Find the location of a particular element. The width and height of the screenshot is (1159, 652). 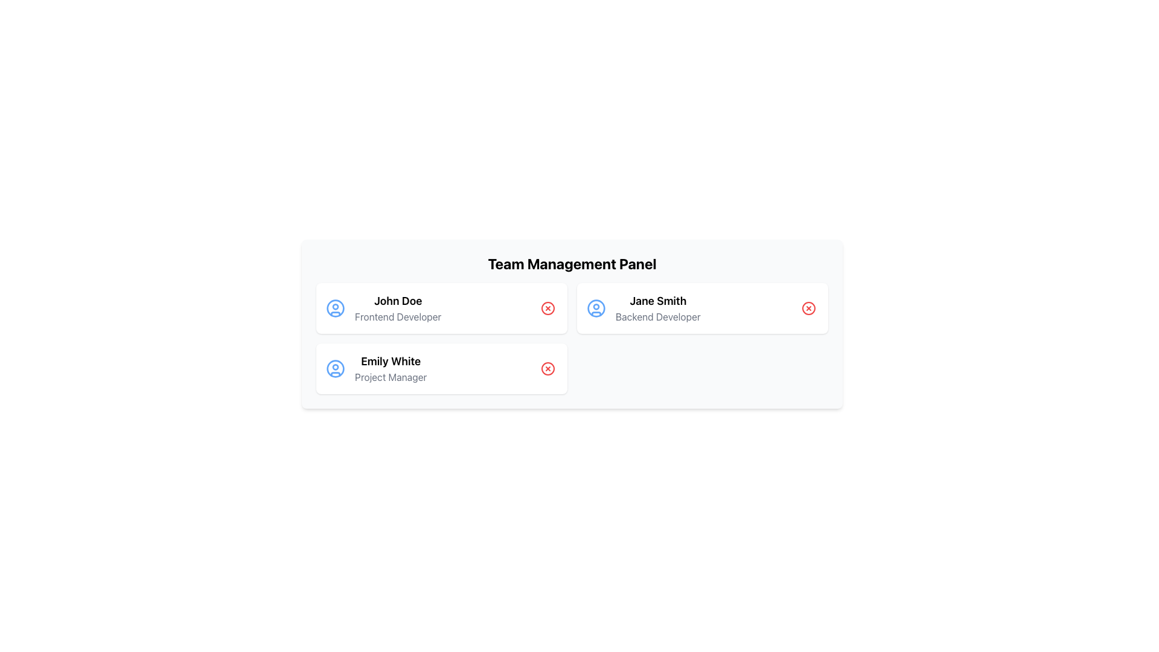

the outermost circular shape of the user profile icon with a blue outline, located in the left section of the second card in the 'Team Management Panel' is located at coordinates (336, 307).